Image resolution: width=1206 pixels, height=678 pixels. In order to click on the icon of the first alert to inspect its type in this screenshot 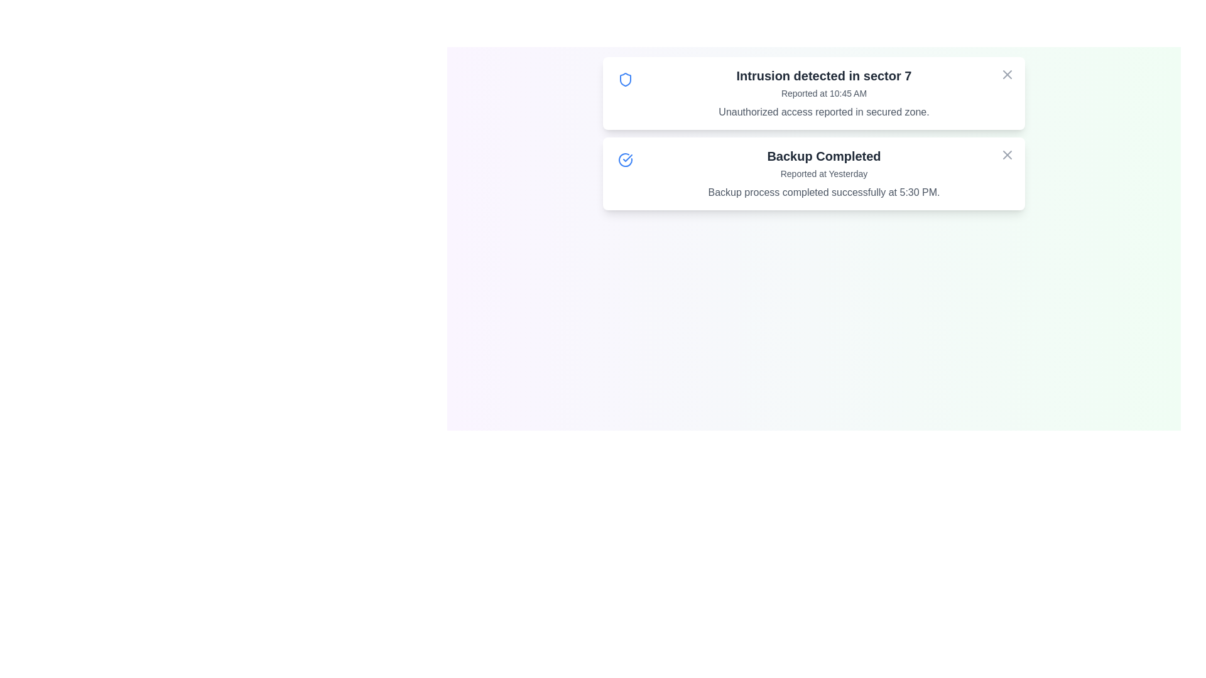, I will do `click(626, 80)`.